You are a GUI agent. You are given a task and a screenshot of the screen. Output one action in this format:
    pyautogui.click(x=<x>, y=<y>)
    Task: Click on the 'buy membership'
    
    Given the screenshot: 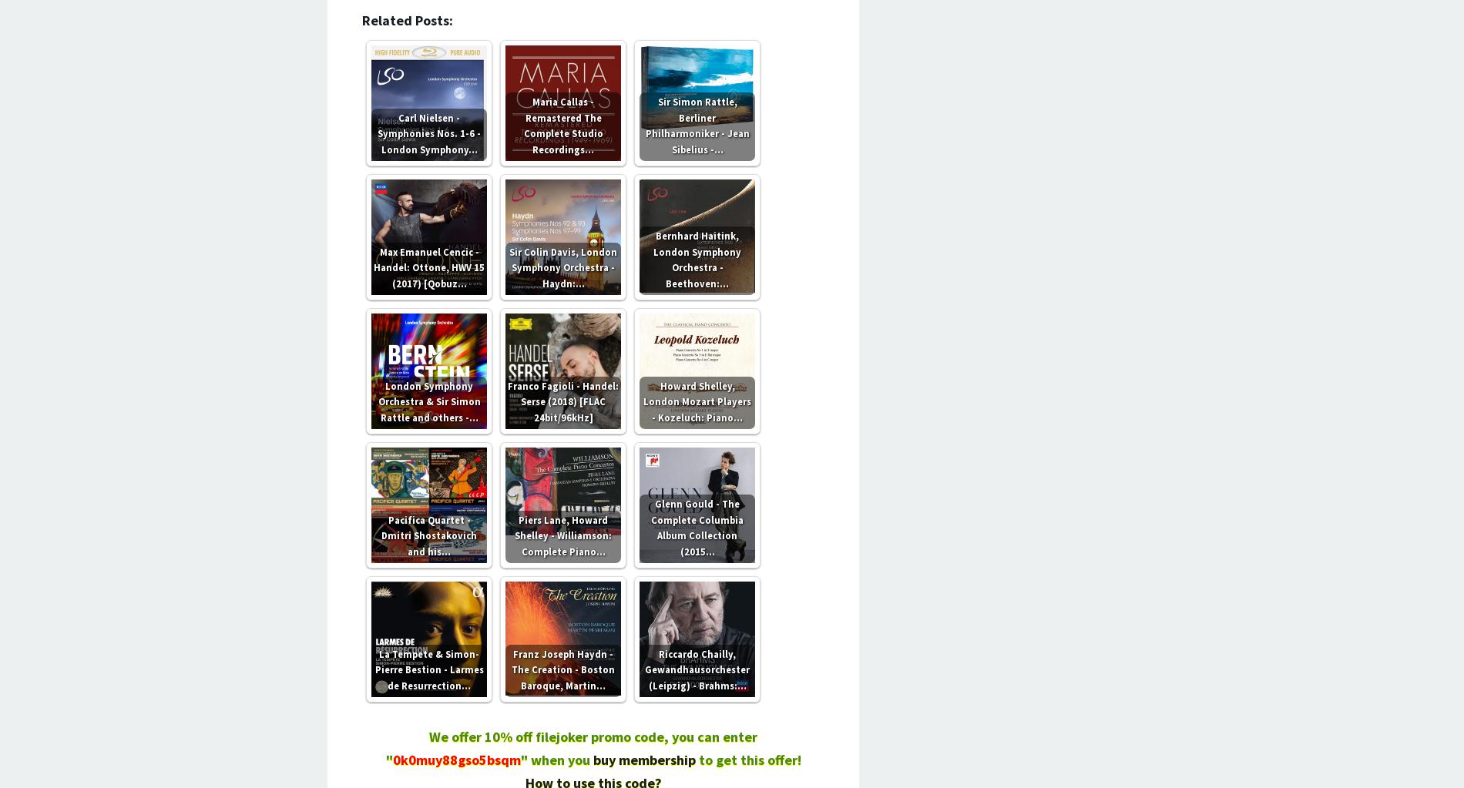 What is the action you would take?
    pyautogui.click(x=591, y=758)
    